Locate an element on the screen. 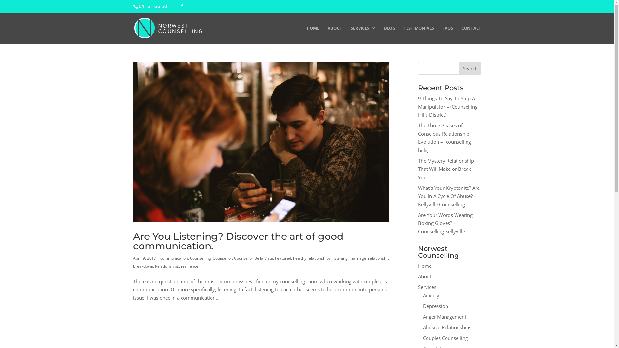 Image resolution: width=619 pixels, height=348 pixels. 'SERVICES' is located at coordinates (363, 34).